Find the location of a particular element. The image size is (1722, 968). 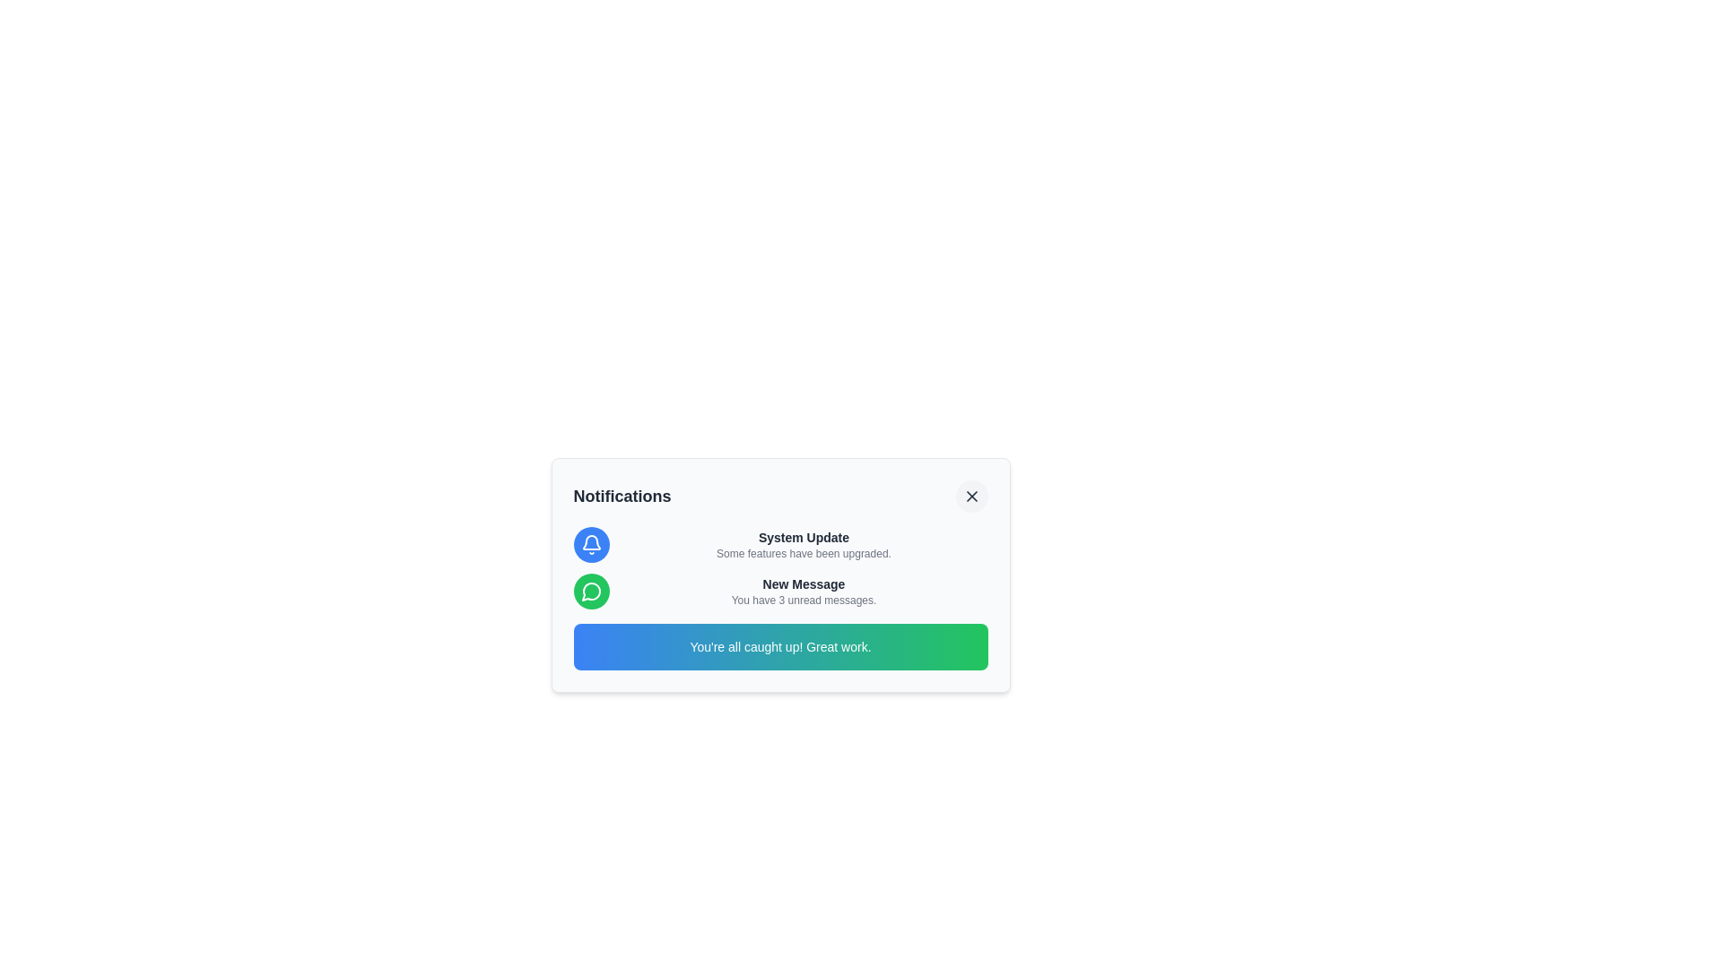

the message notification icon located in the lower-left part of the notification box, below and slightly to the left of the title 'New Message' is located at coordinates (590, 592).